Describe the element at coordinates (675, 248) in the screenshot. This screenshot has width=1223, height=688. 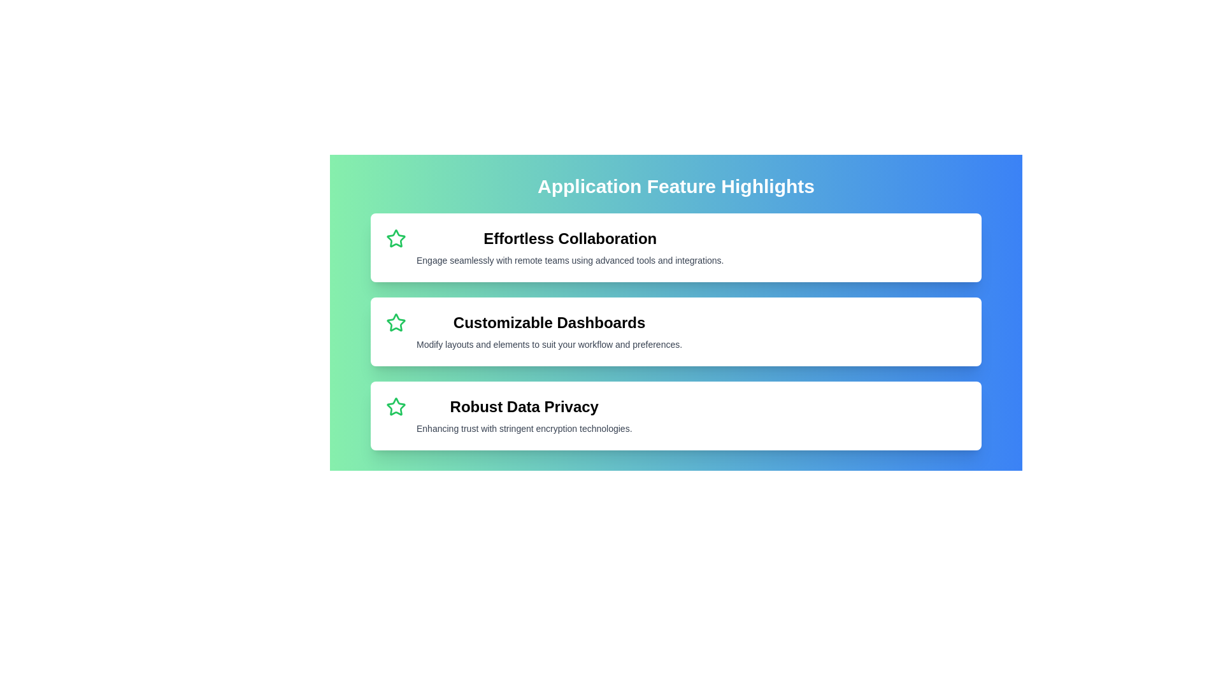
I see `feature information presented in the first card element, which highlights its purpose and benefits in a vertical list` at that location.